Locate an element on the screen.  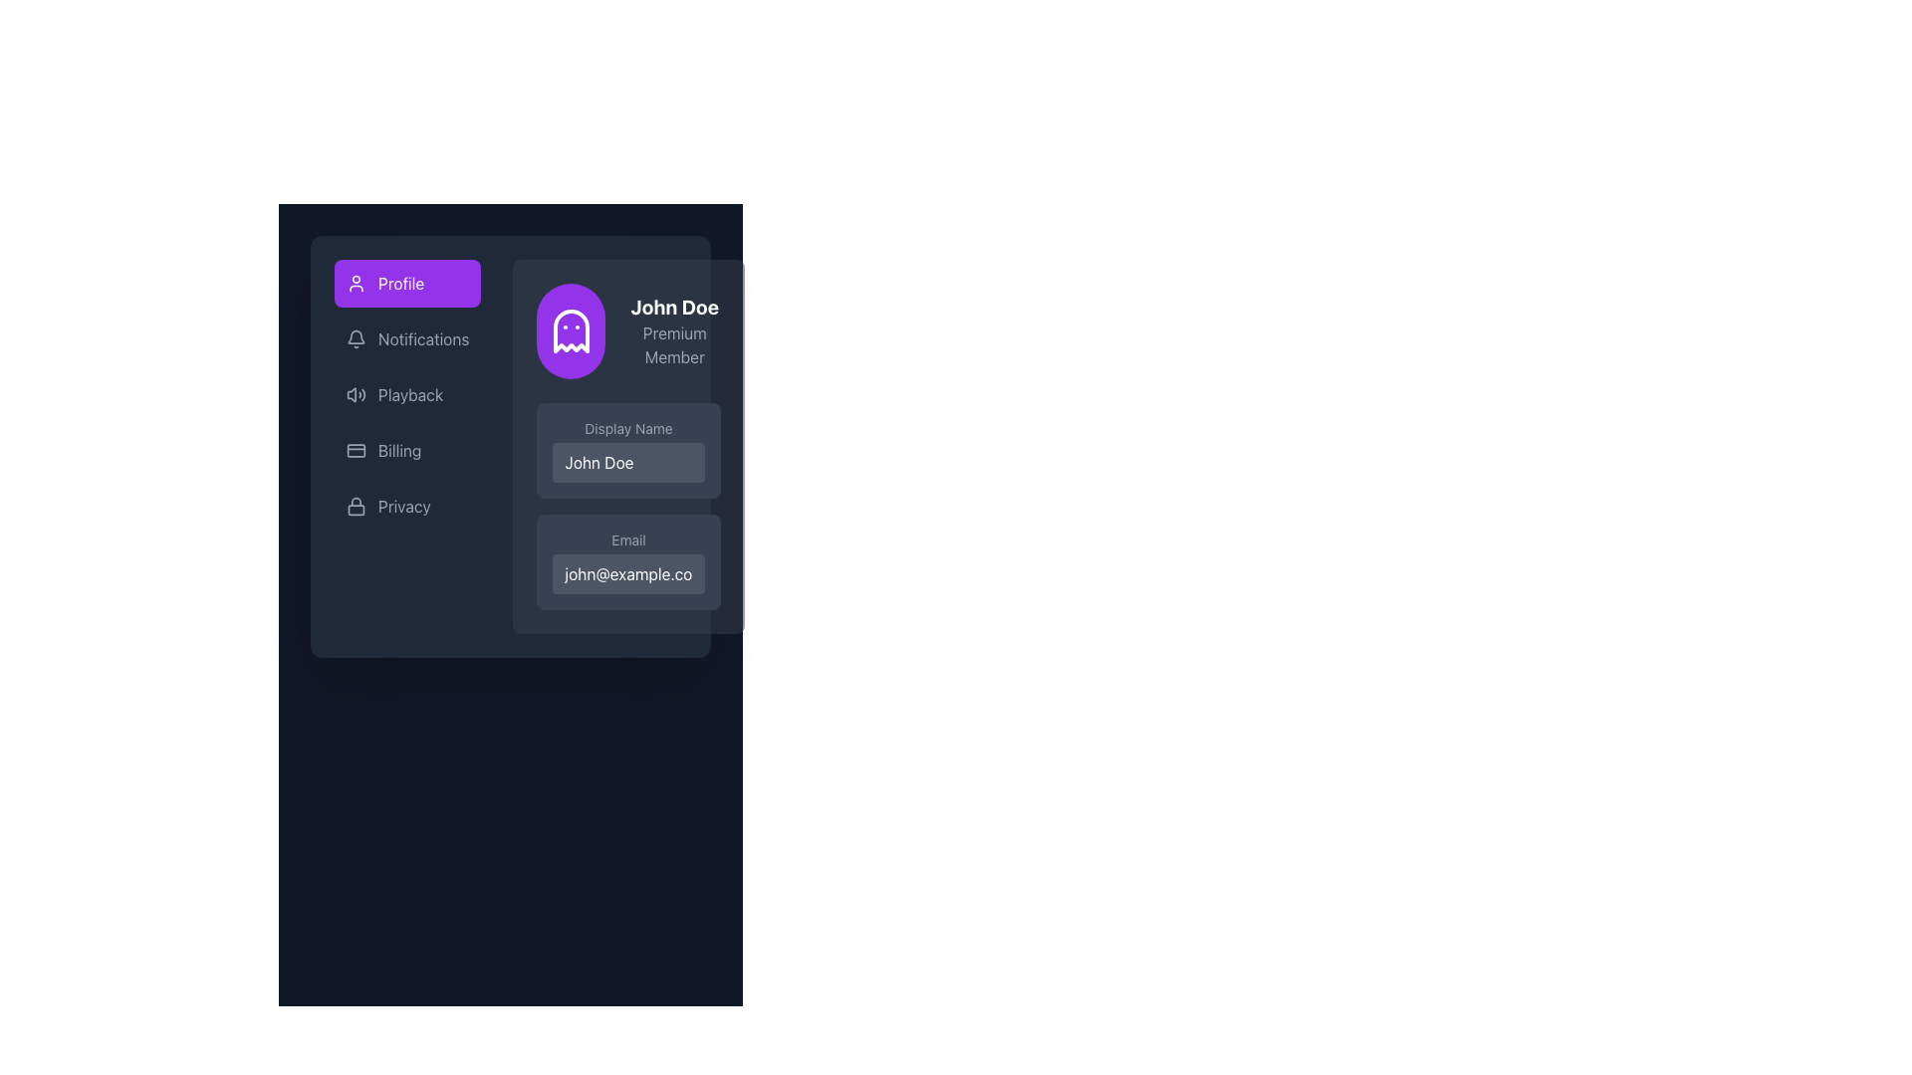
the third and outermost curved line segment of the SVG icon representing sound waves is located at coordinates (363, 395).